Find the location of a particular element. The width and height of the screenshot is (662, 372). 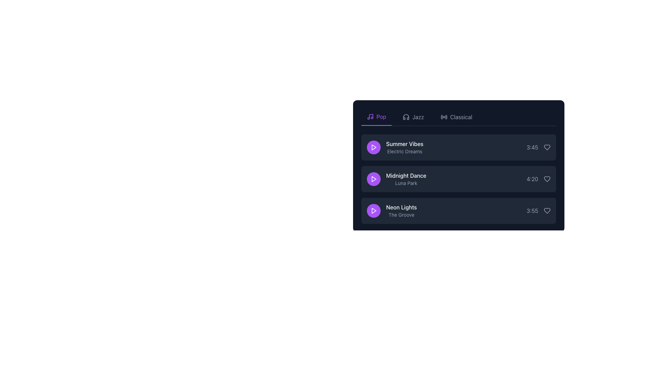

text content of the title label positioned above 'Luna Park' in the playlist, which serves as the identifier for the track is located at coordinates (406, 175).